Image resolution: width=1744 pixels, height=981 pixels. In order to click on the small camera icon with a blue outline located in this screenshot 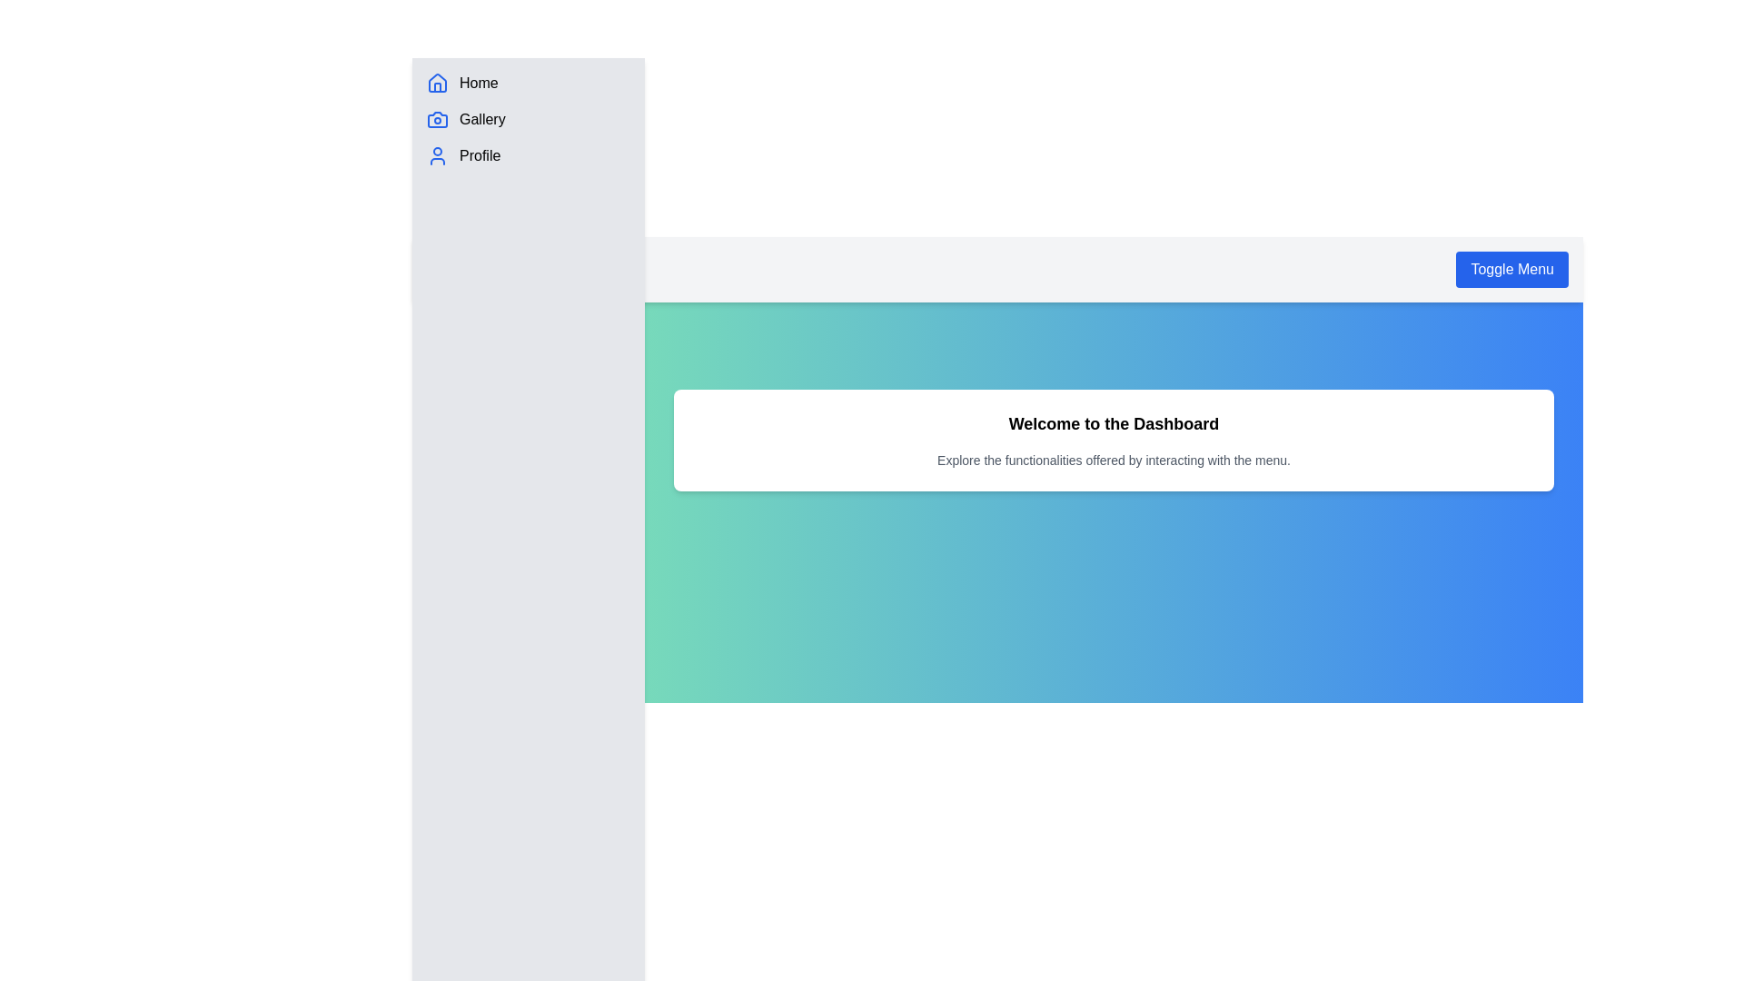, I will do `click(437, 119)`.